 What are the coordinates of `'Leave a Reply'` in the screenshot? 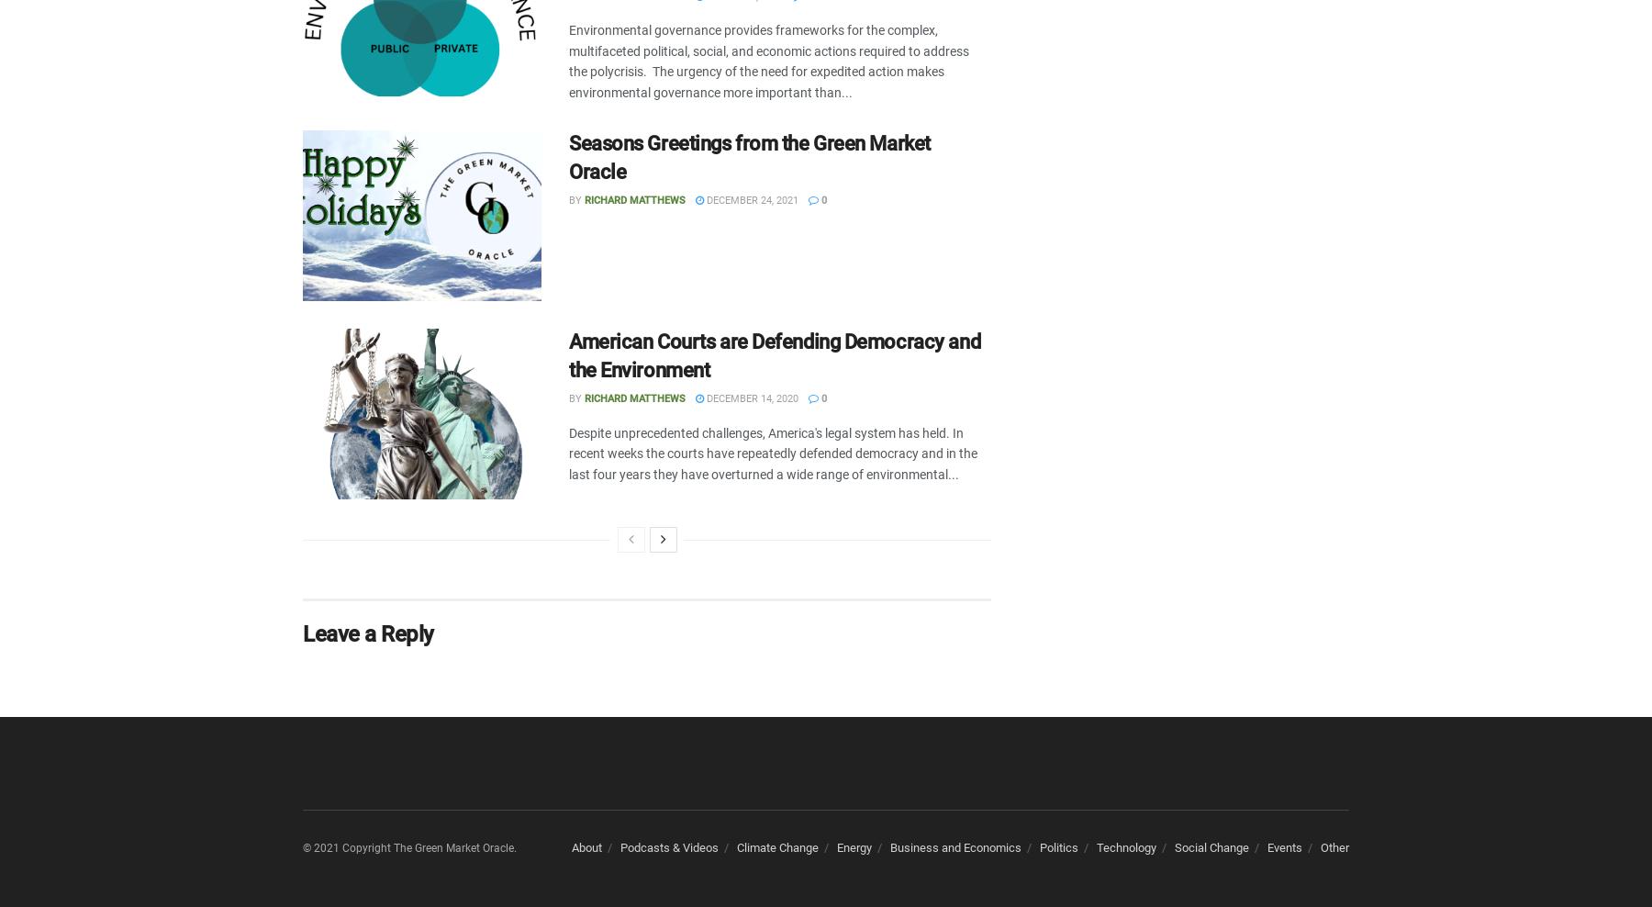 It's located at (368, 633).